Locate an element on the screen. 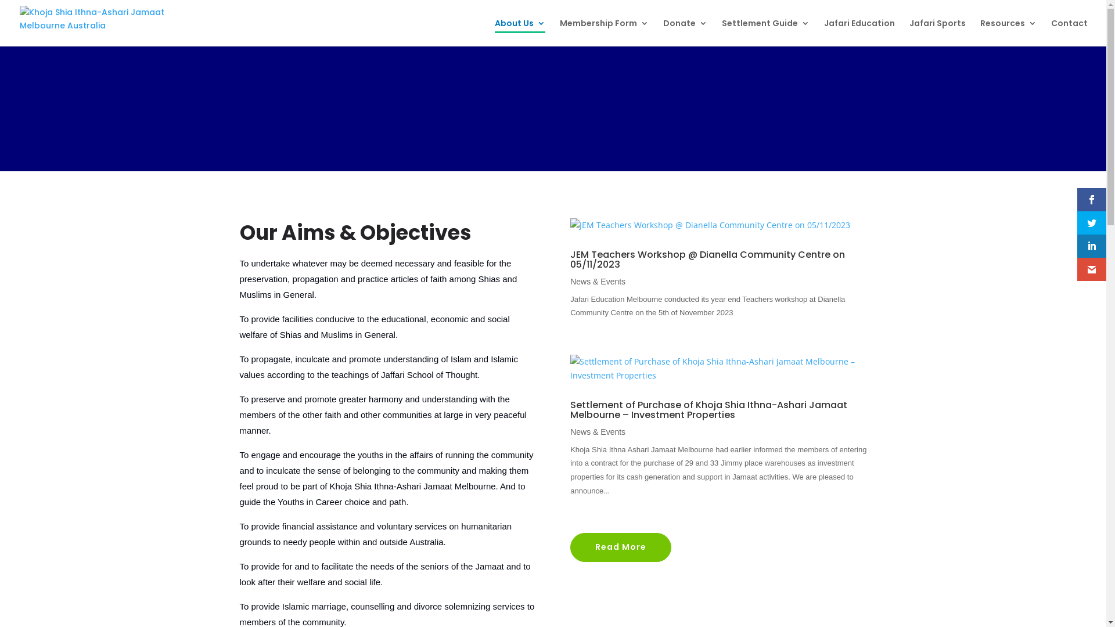  'Jafari Education' is located at coordinates (859, 32).